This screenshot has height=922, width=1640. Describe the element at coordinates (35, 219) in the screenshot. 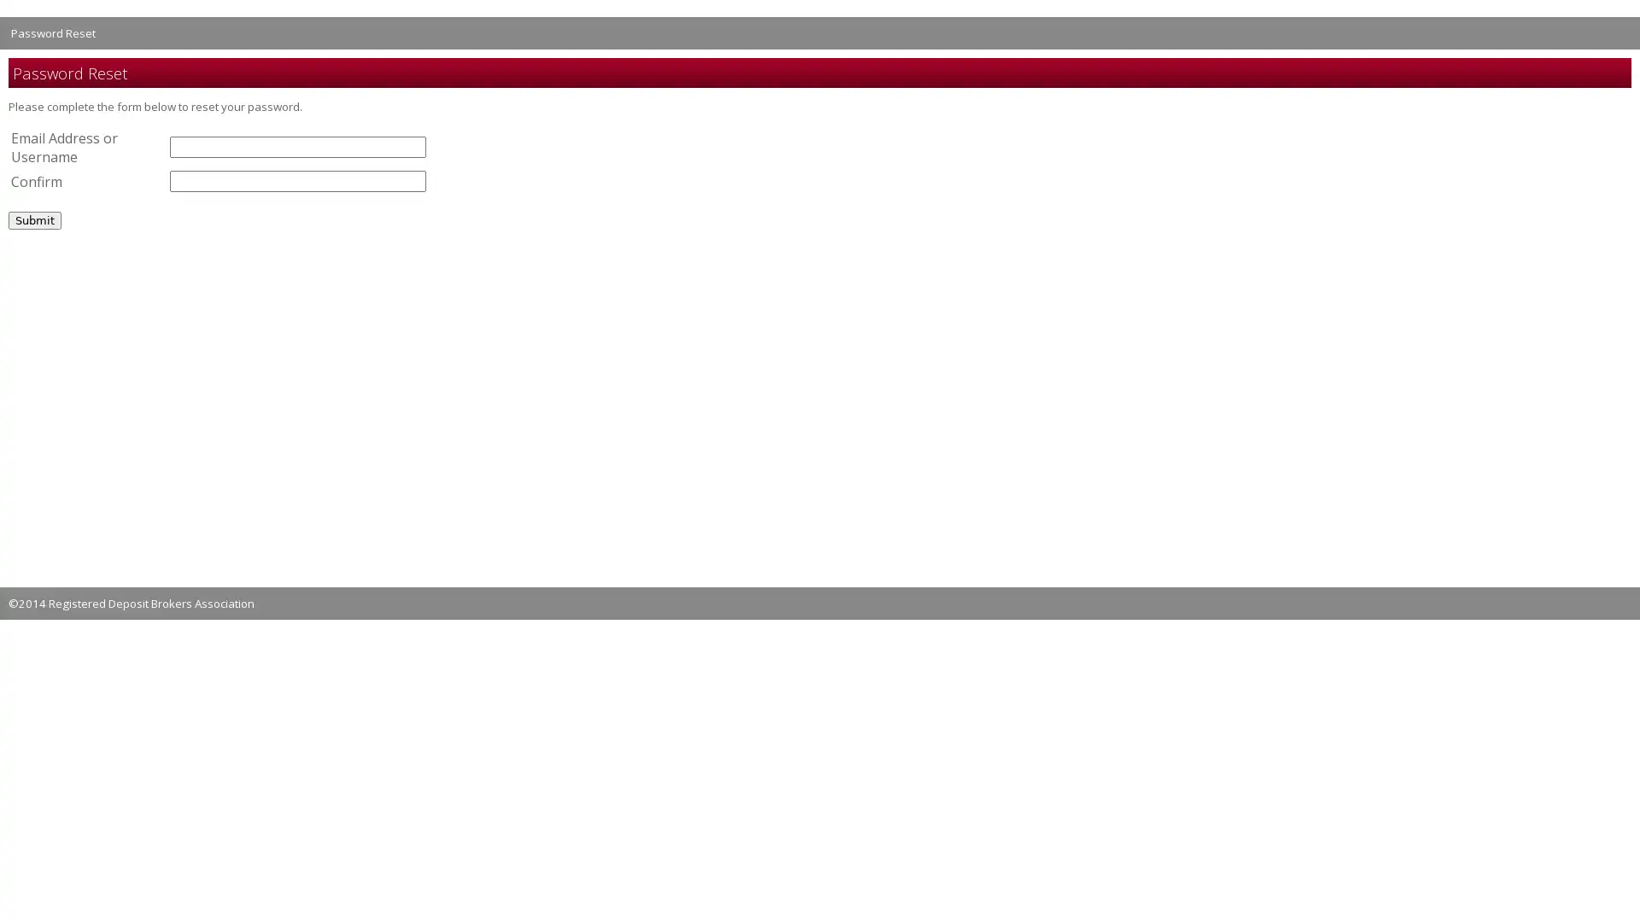

I see `Submit` at that location.